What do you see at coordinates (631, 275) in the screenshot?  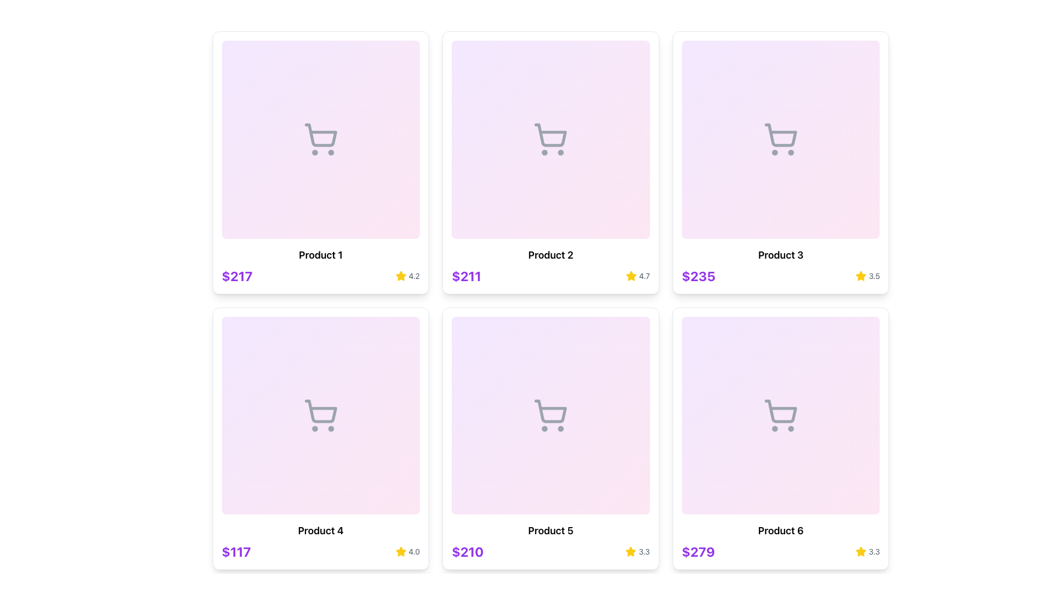 I see `the star icon that represents the rating for 'Product 2', located in the bottom-right corner of the card next to the '4.7' rating text` at bounding box center [631, 275].